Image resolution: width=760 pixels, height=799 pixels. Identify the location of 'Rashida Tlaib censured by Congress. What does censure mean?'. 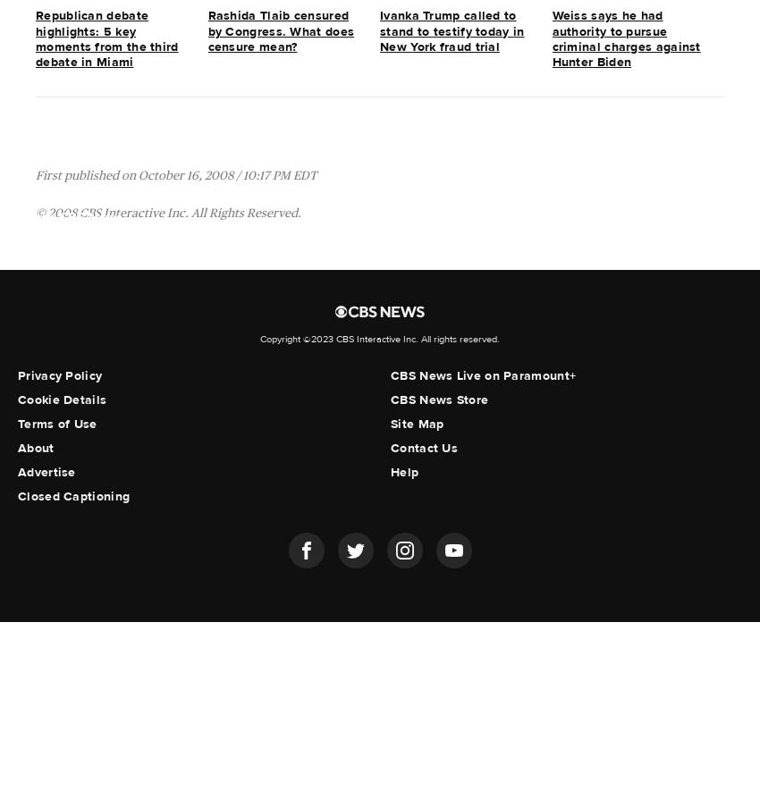
(280, 30).